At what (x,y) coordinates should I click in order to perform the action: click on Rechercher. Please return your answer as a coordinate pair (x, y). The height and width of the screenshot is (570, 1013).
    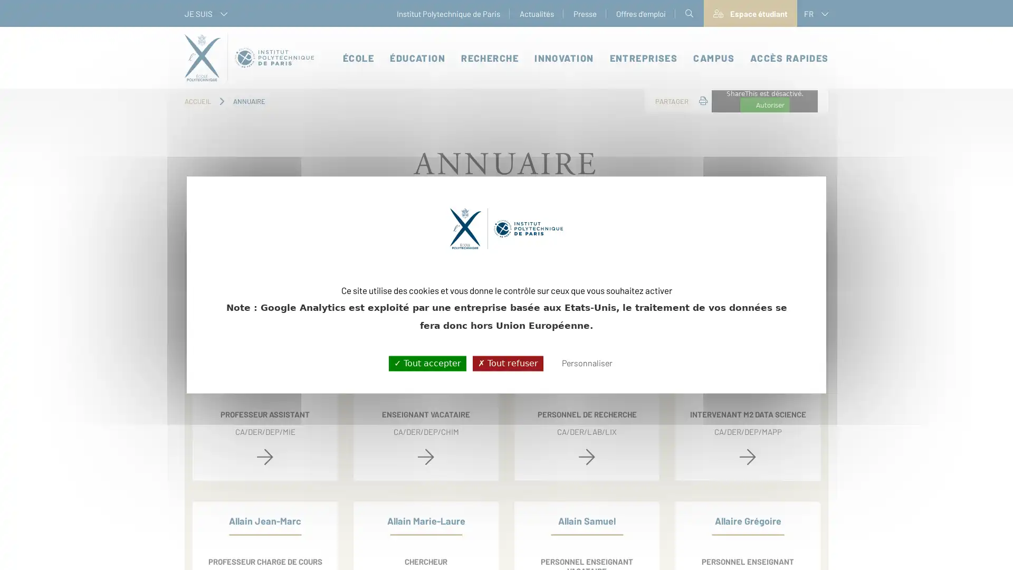
    Looking at the image, I should click on (701, 297).